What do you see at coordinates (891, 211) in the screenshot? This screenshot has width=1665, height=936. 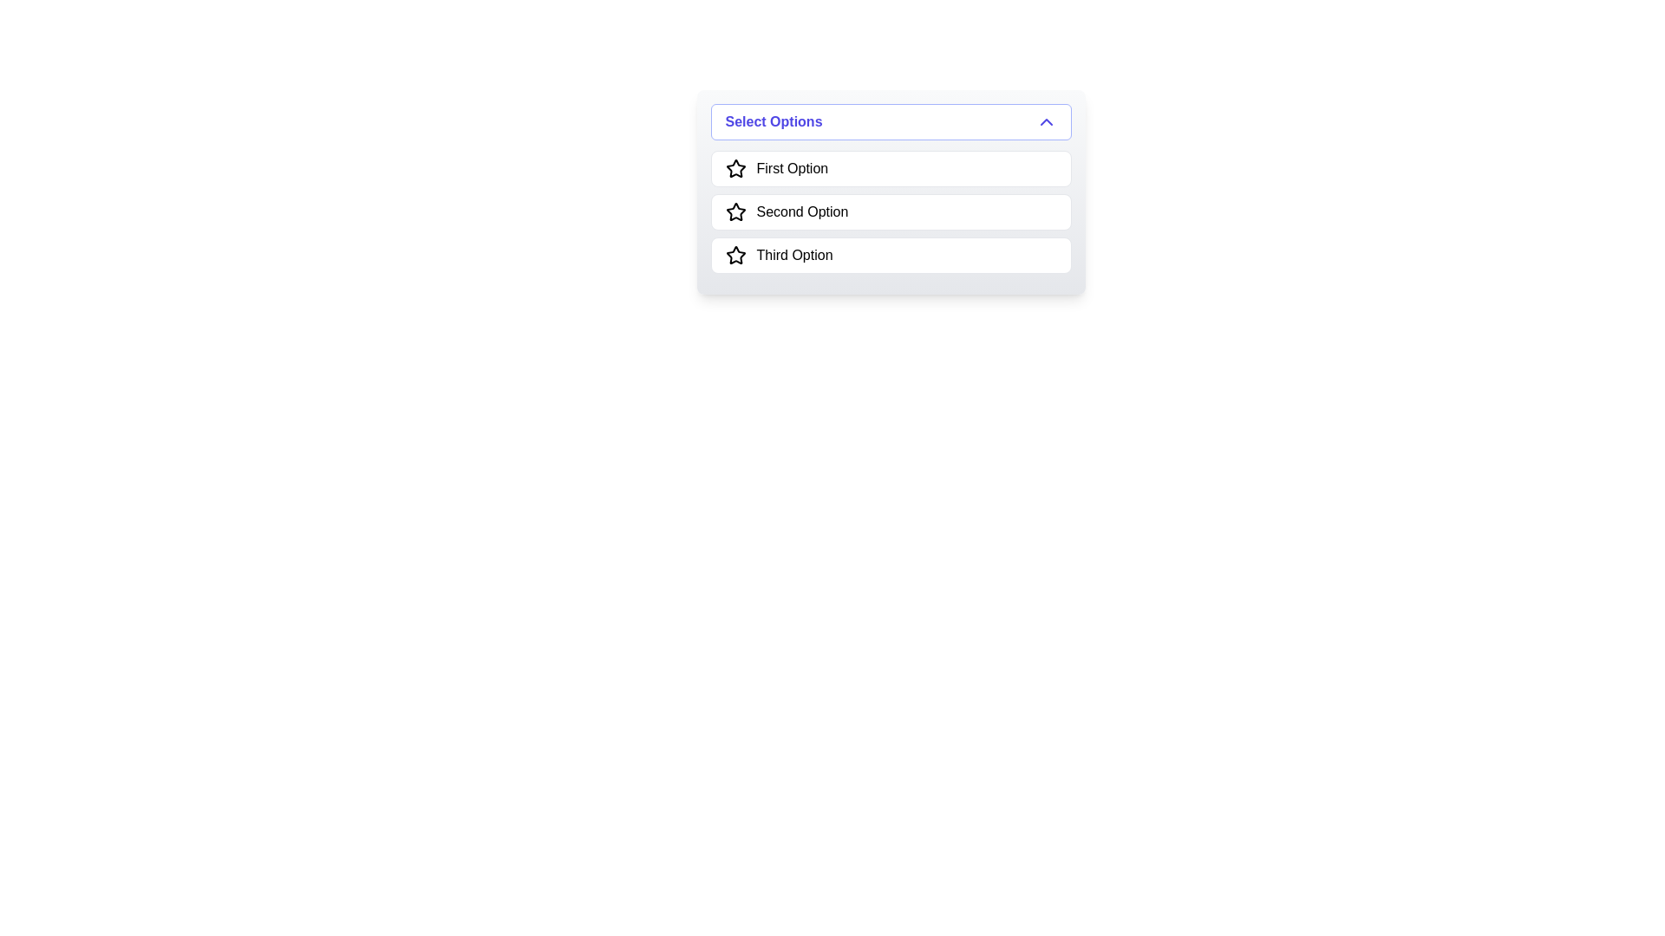 I see `the 'Second Option' button in the dropdown menu to trigger hover effects` at bounding box center [891, 211].